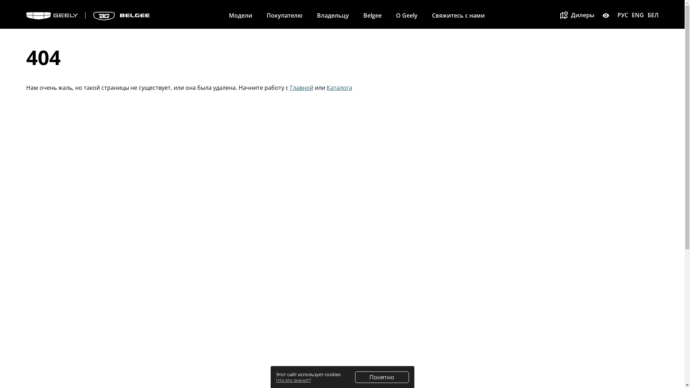 This screenshot has width=690, height=388. What do you see at coordinates (638, 15) in the screenshot?
I see `'ENG'` at bounding box center [638, 15].